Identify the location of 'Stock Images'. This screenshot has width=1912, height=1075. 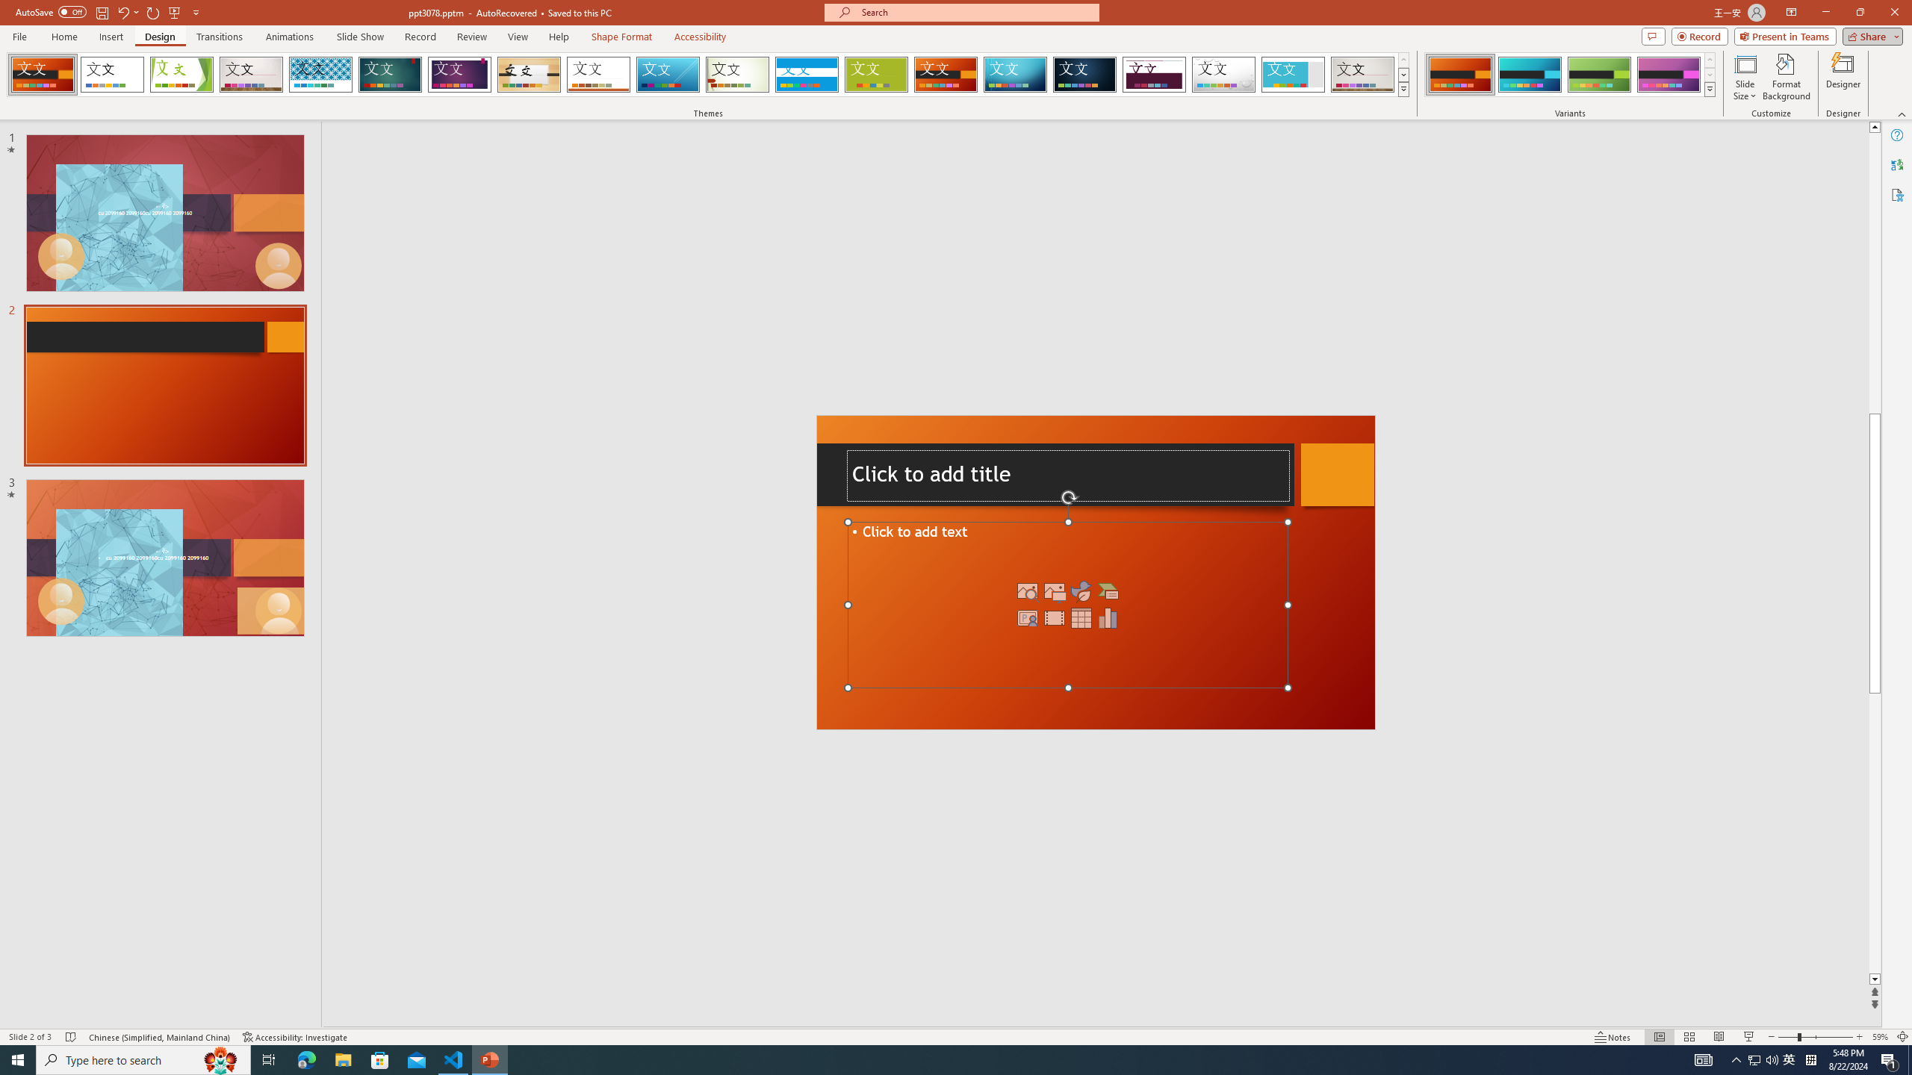
(1027, 591).